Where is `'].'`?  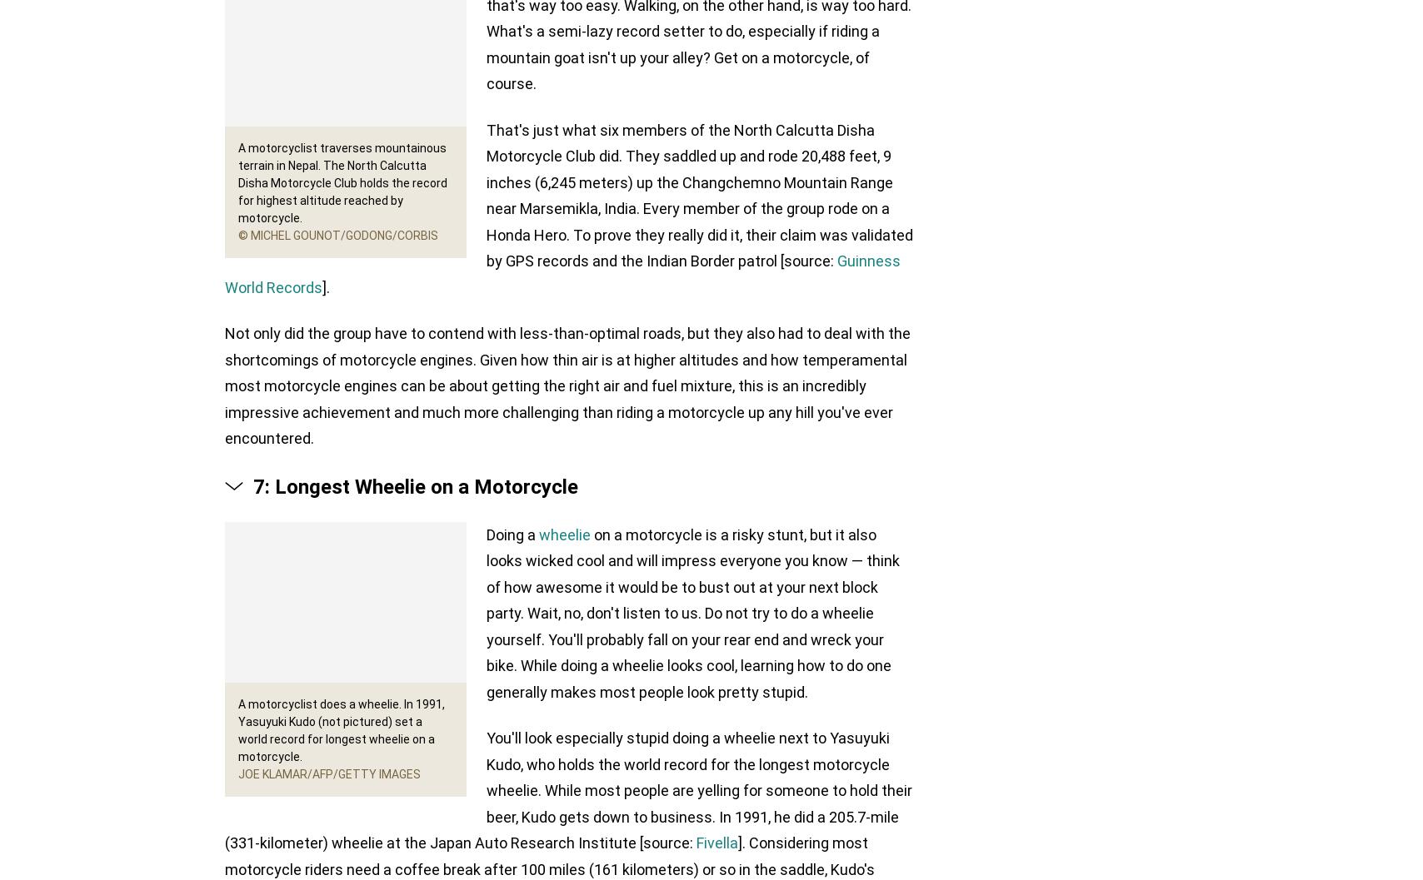 '].' is located at coordinates (326, 286).